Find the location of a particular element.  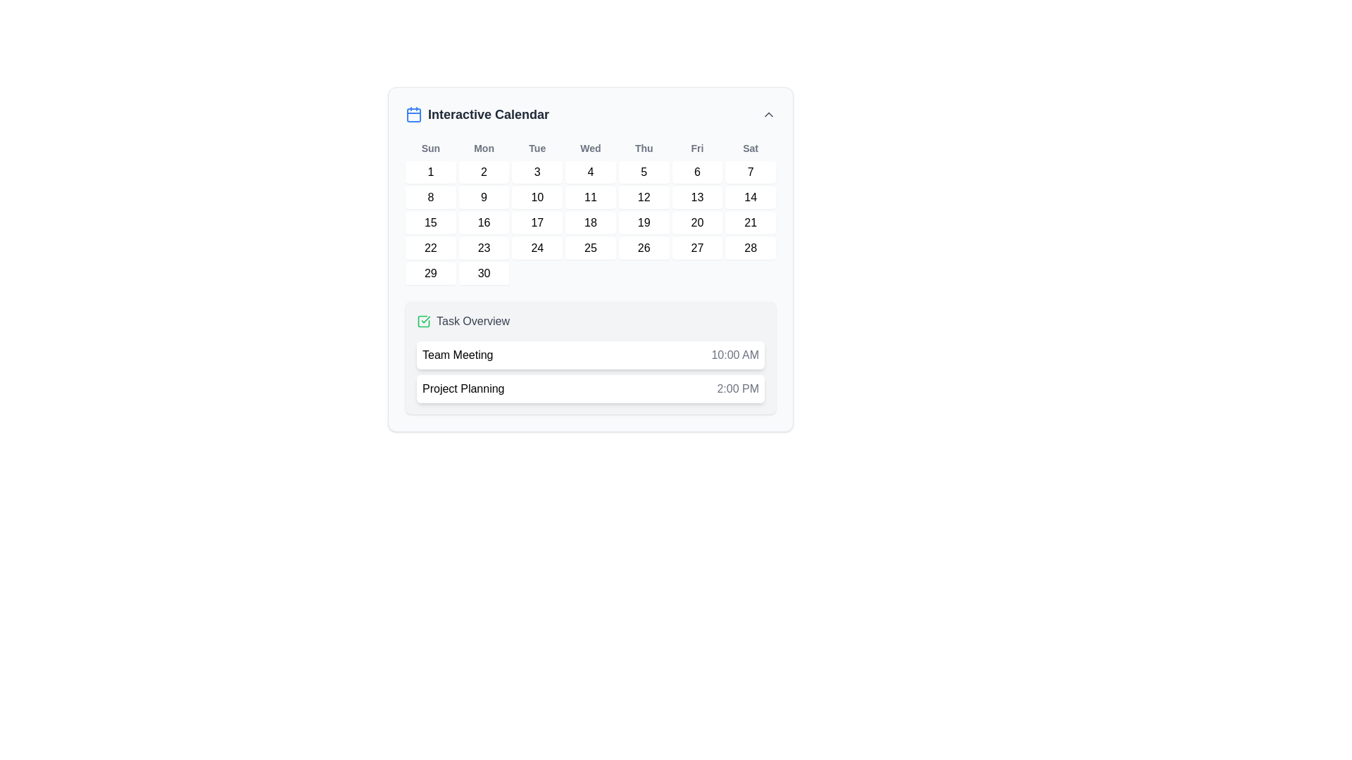

the date selection button displaying the number '25' in the interactive calendar is located at coordinates (591, 248).